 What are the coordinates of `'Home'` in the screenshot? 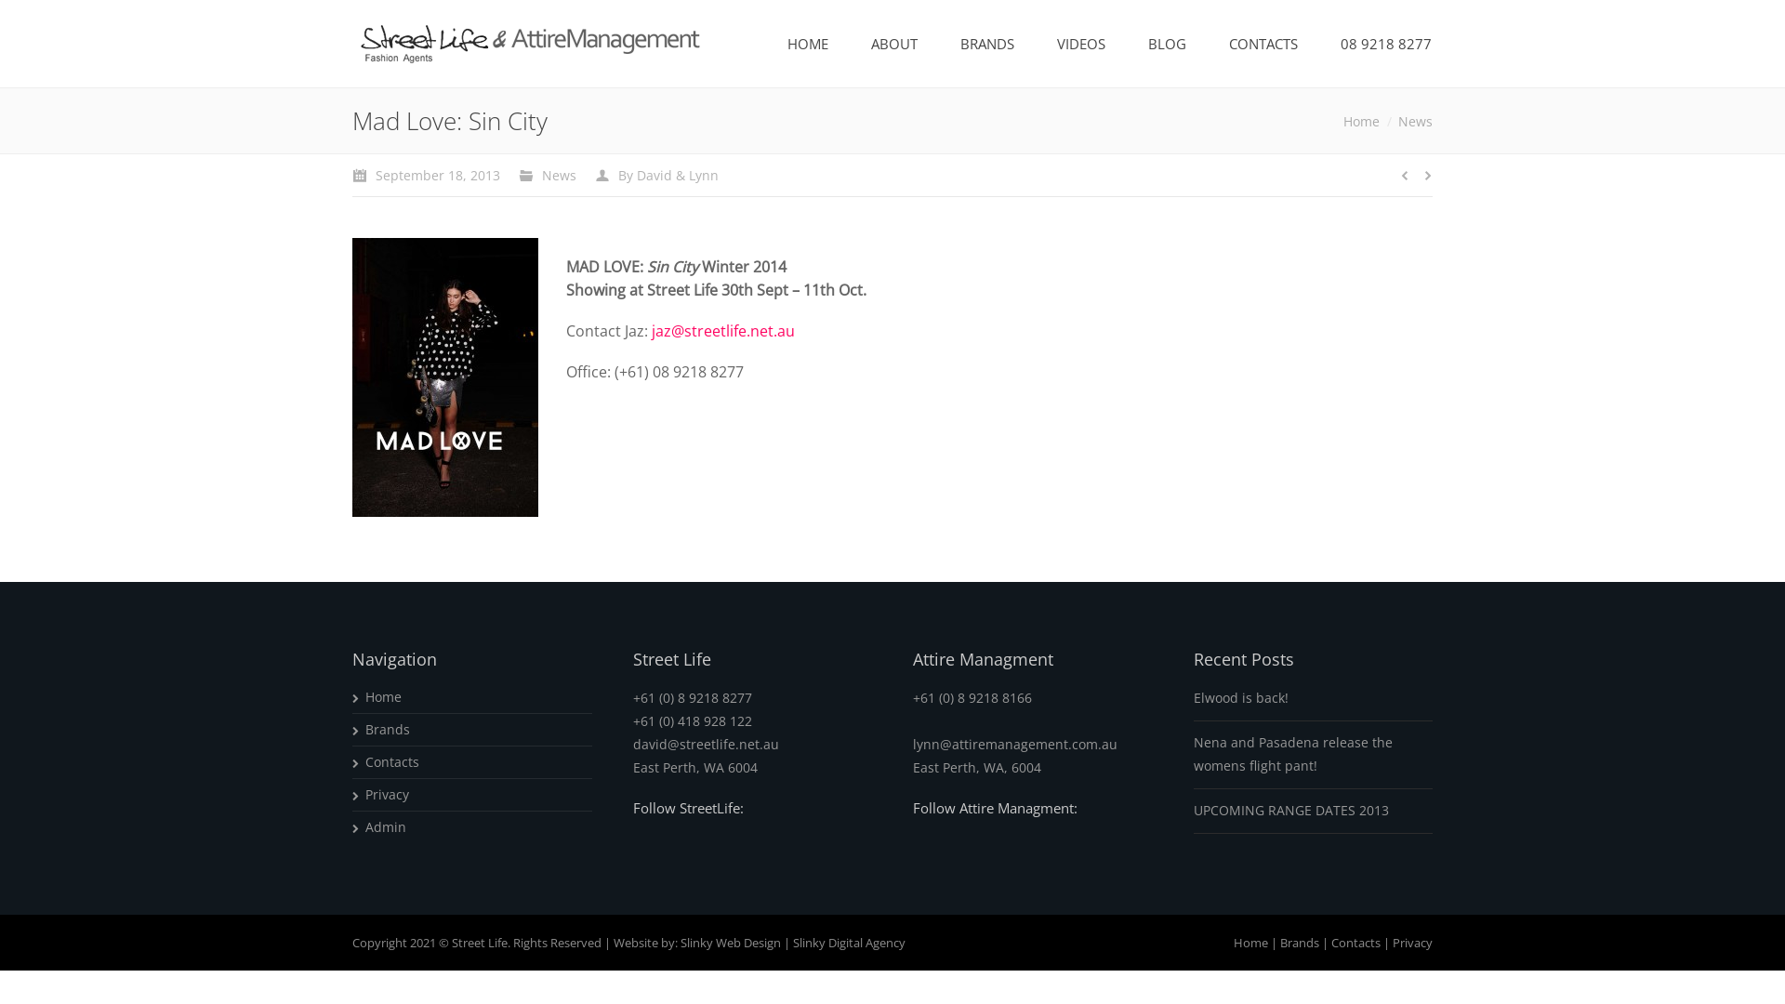 It's located at (1250, 942).